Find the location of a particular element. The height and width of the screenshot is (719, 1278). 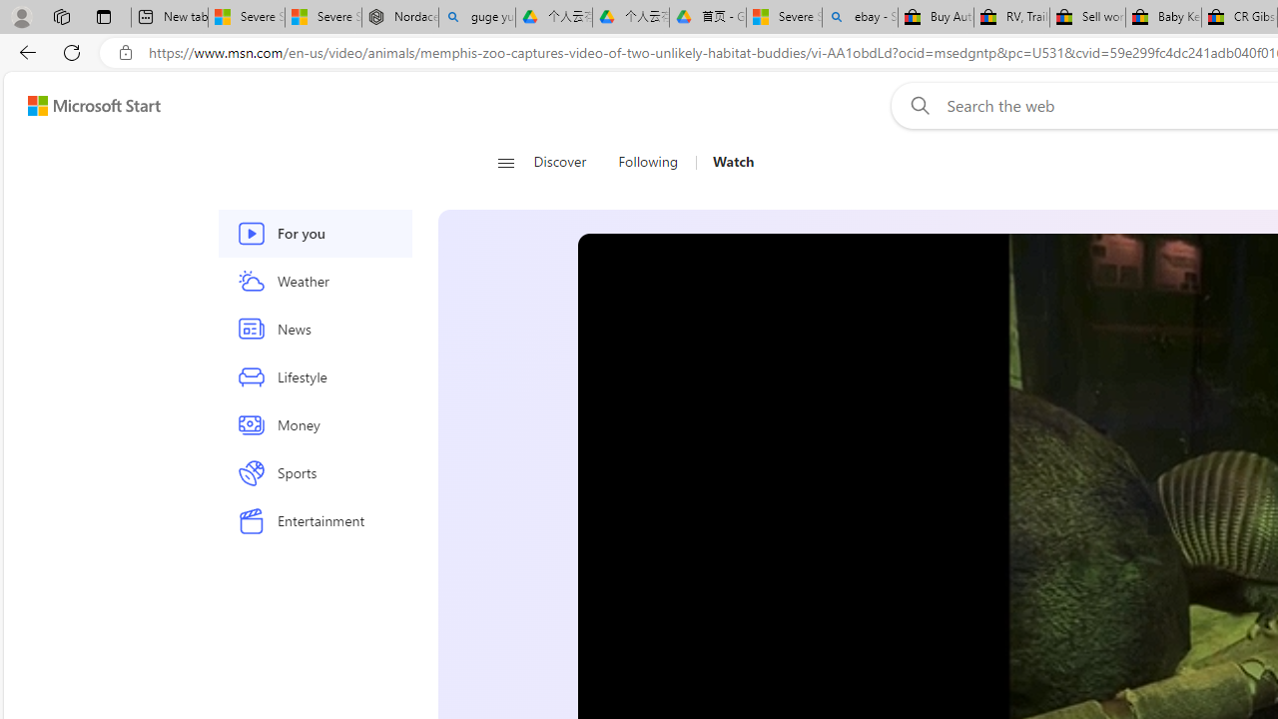

'Watch' is located at coordinates (732, 162).